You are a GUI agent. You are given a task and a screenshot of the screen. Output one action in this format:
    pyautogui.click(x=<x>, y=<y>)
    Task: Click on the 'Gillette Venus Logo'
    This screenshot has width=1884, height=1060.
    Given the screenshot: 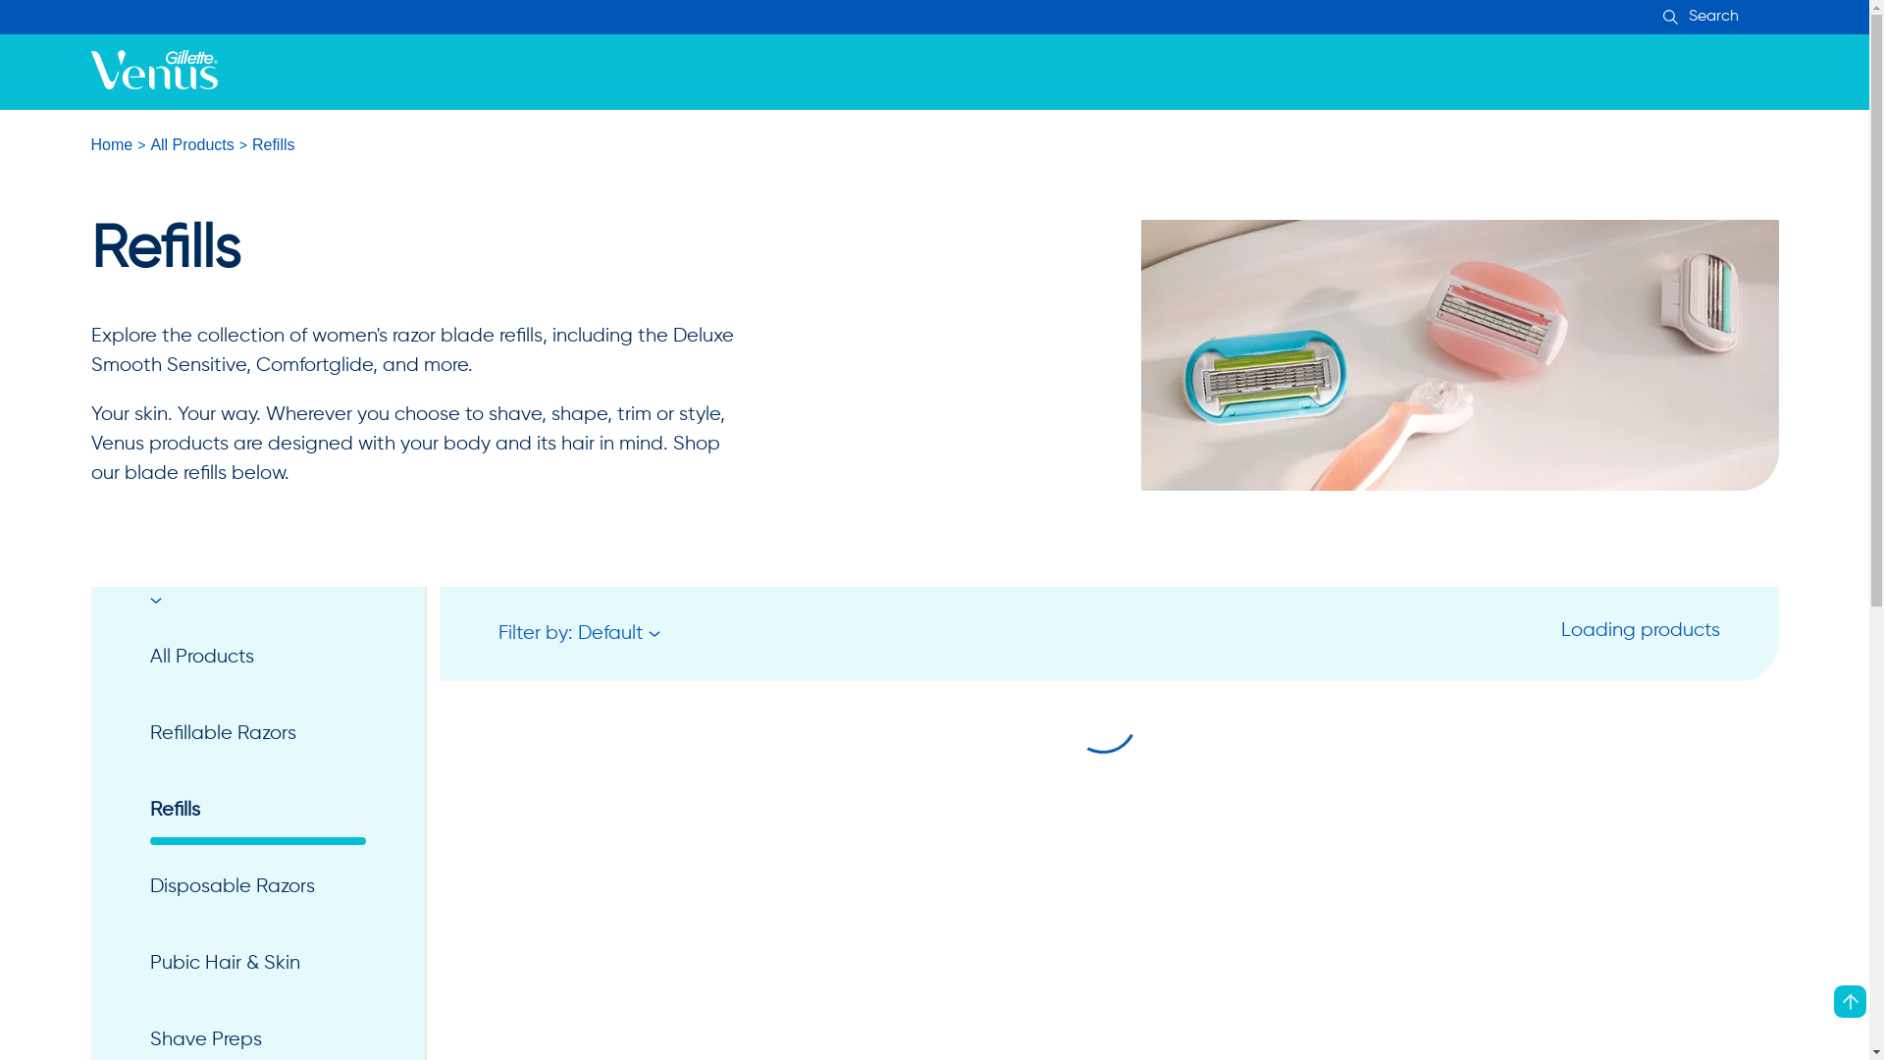 What is the action you would take?
    pyautogui.click(x=152, y=71)
    